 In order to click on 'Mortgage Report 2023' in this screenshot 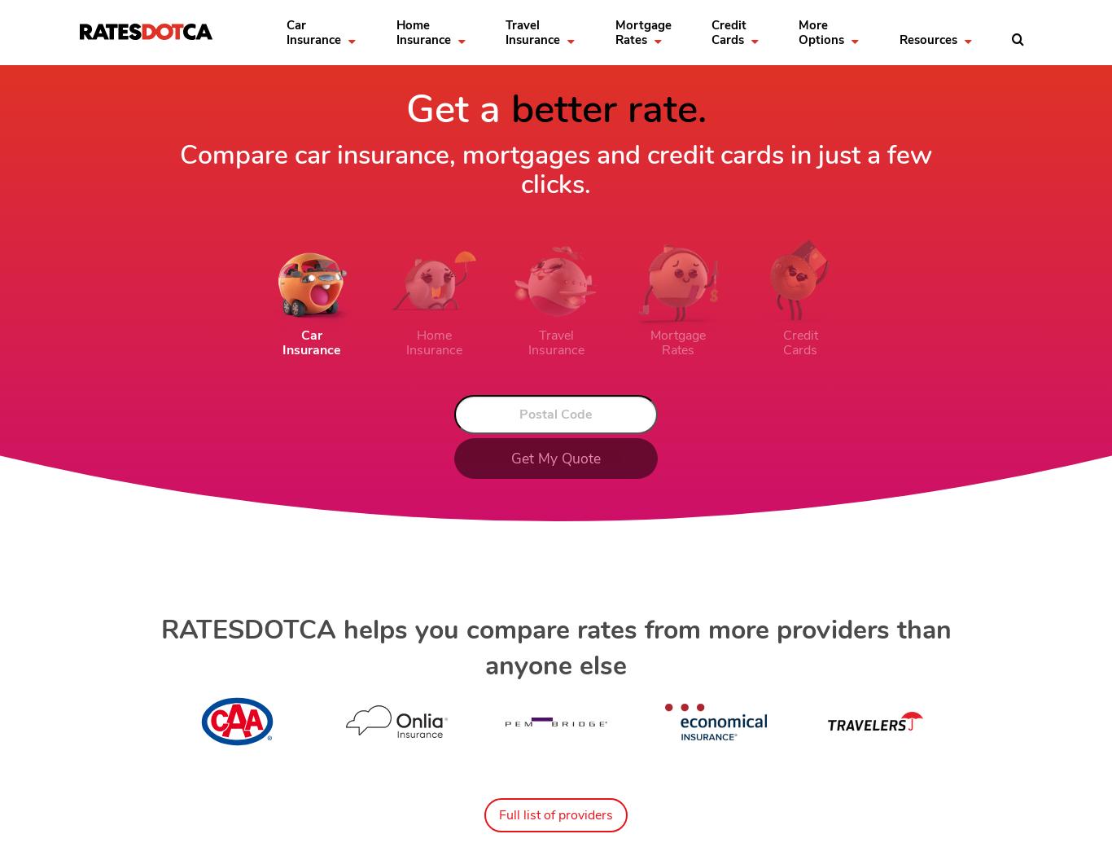, I will do `click(396, 331)`.